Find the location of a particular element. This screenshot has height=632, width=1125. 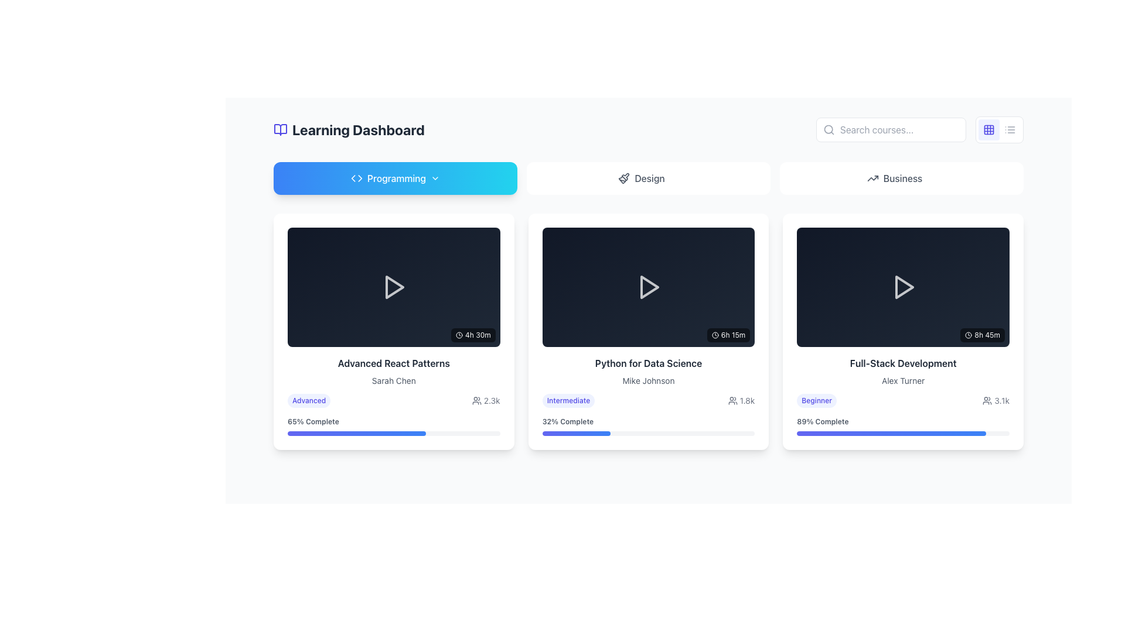

the first button in the upper section of the interface, which is designed to filter or navigate content related to programming topics is located at coordinates (396, 178).